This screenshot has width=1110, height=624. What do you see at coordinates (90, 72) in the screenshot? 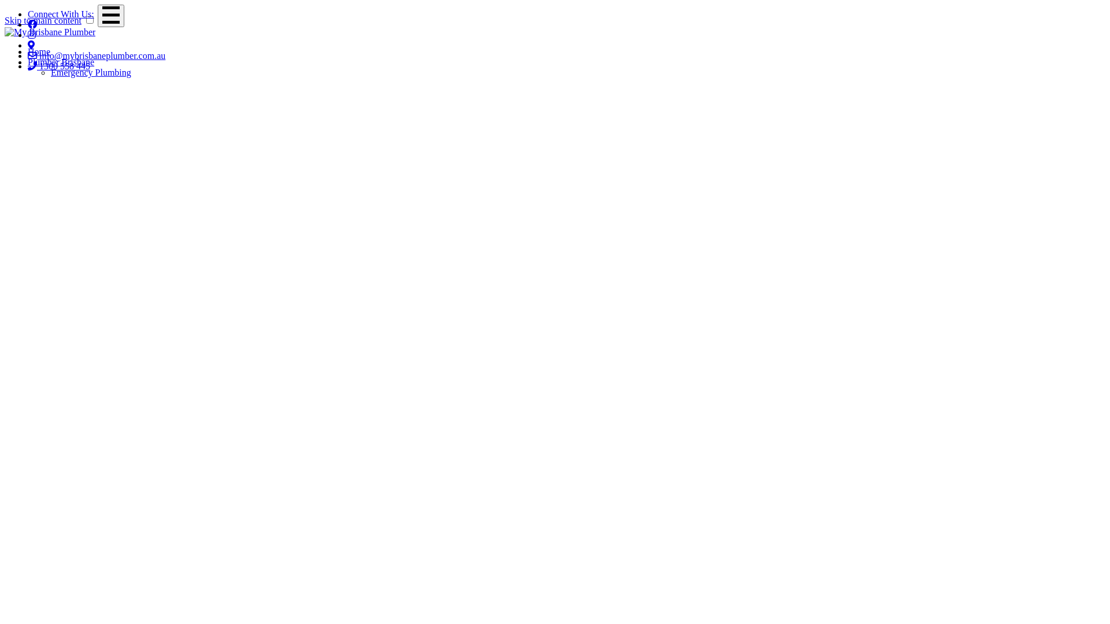
I see `'Emergency Plumbing'` at bounding box center [90, 72].